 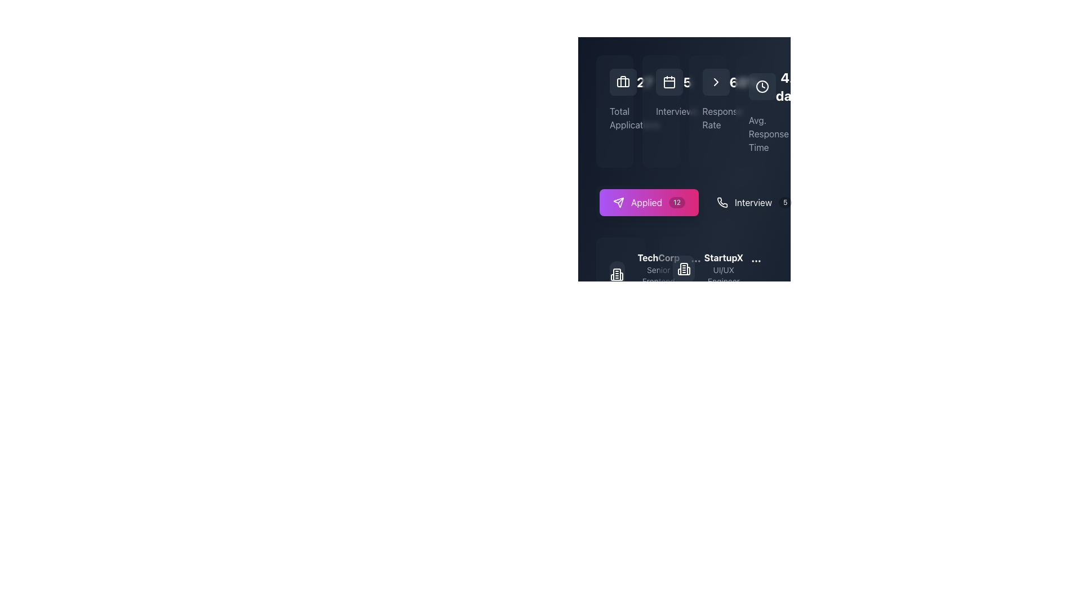 What do you see at coordinates (614, 118) in the screenshot?
I see `the text label reading 'Total Applications', which is styled in light gray and positioned below the numeric indicator '27' within a dark gray card` at bounding box center [614, 118].